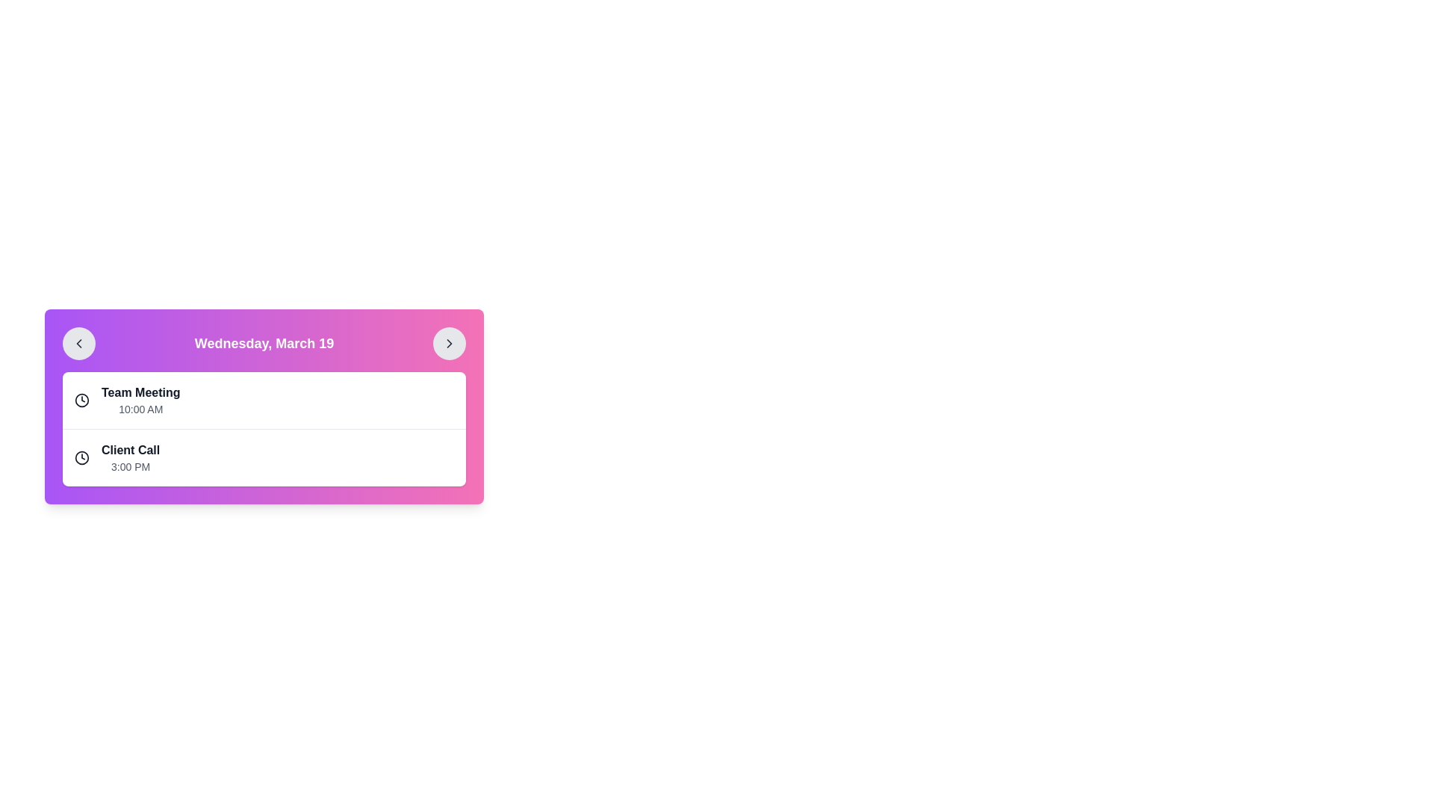  Describe the element at coordinates (448, 343) in the screenshot. I see `the circular button with a gray background and right arrow icon, located in the pink header` at that location.